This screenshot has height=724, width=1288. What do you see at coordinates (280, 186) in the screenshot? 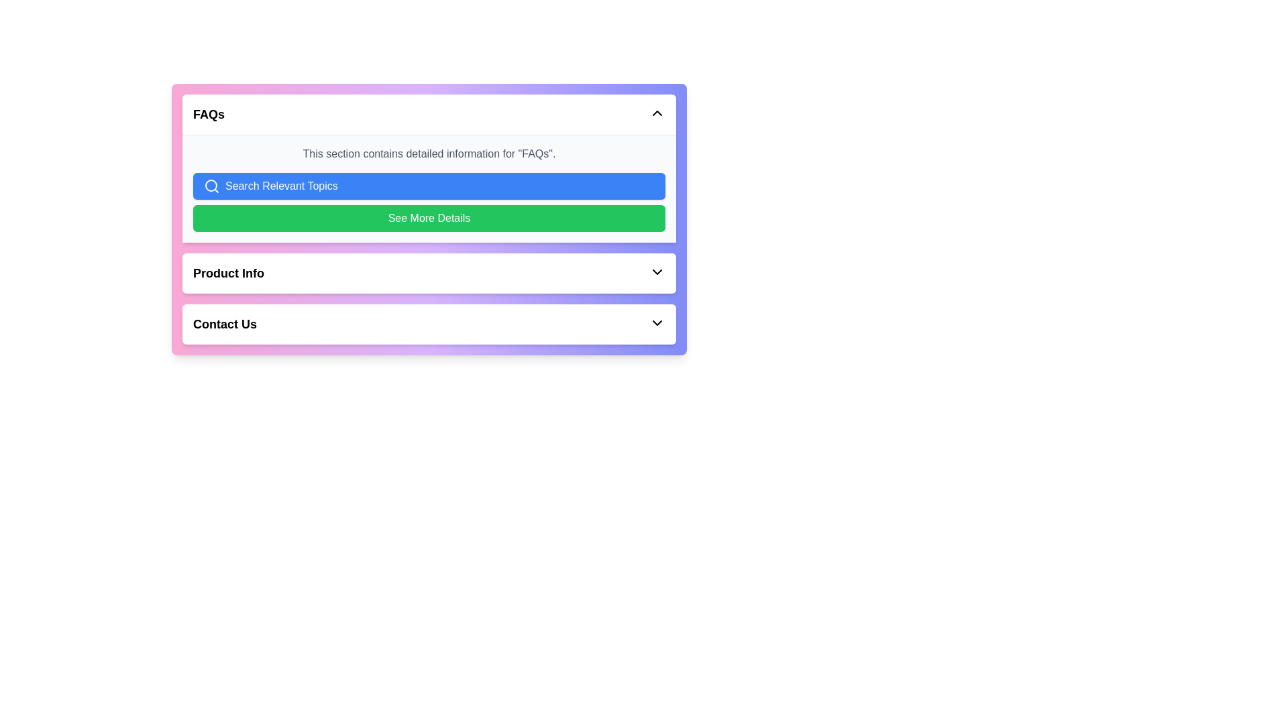
I see `text label that says 'Search Relevant Topics' within the blue button located below the 'FAQs' section header` at bounding box center [280, 186].